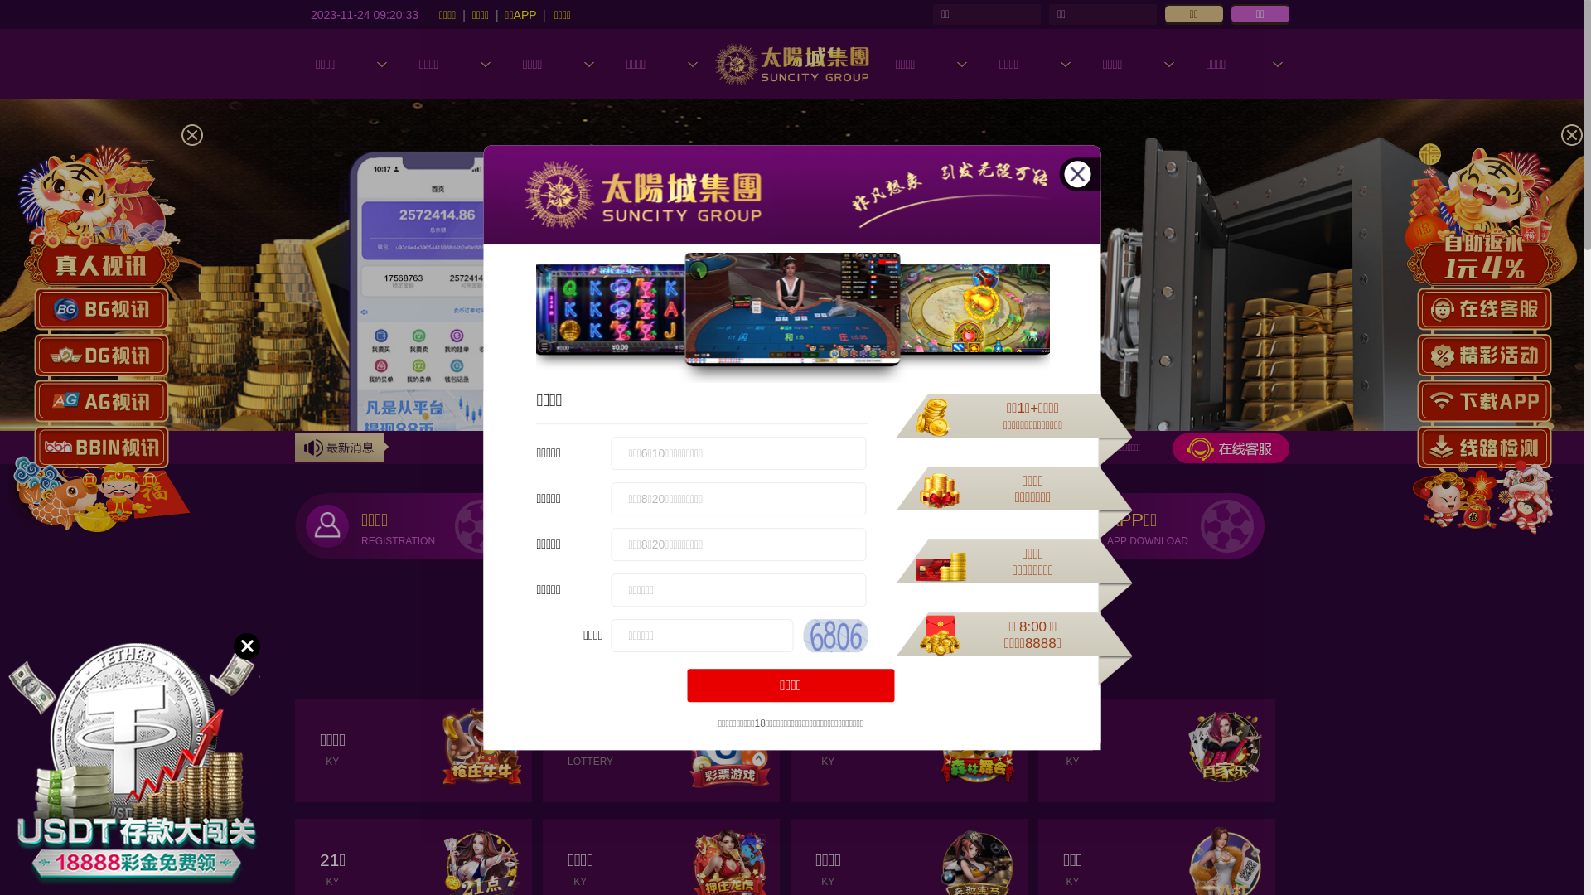 The width and height of the screenshot is (1591, 895). Describe the element at coordinates (364, 13) in the screenshot. I see `'2023-11-24 09:20:31'` at that location.